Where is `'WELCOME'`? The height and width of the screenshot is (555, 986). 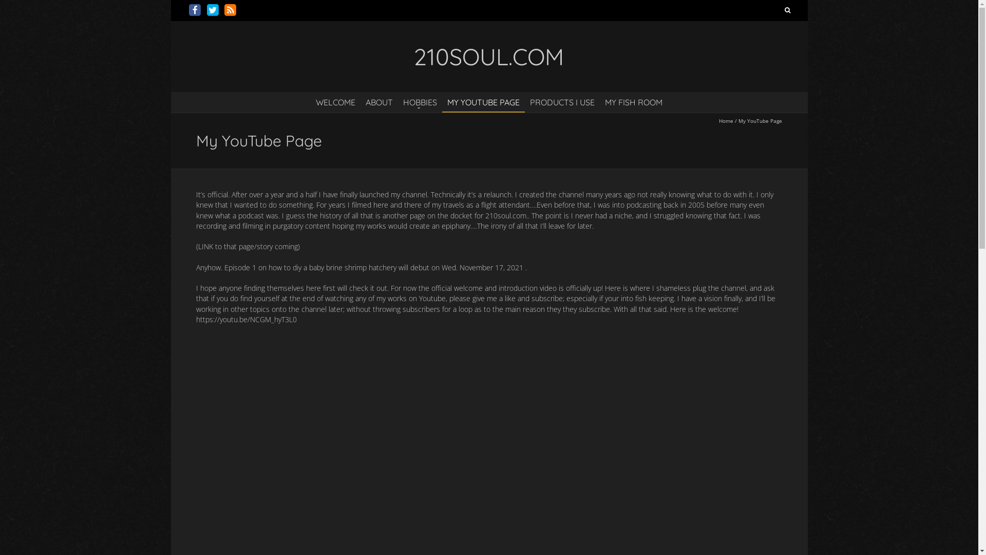 'WELCOME' is located at coordinates (335, 101).